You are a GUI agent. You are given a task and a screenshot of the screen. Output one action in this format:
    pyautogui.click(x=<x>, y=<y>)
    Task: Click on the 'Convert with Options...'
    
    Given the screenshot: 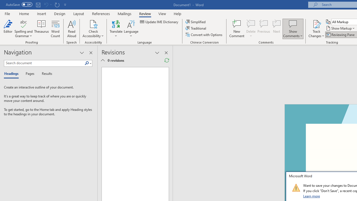 What is the action you would take?
    pyautogui.click(x=204, y=35)
    